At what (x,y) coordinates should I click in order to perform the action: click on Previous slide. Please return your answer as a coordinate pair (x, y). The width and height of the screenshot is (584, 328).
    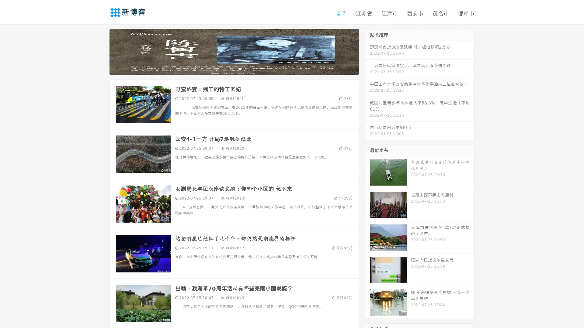
    Looking at the image, I should click on (100, 51).